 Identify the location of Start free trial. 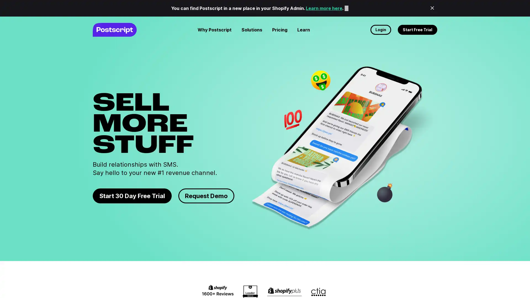
(478, 252).